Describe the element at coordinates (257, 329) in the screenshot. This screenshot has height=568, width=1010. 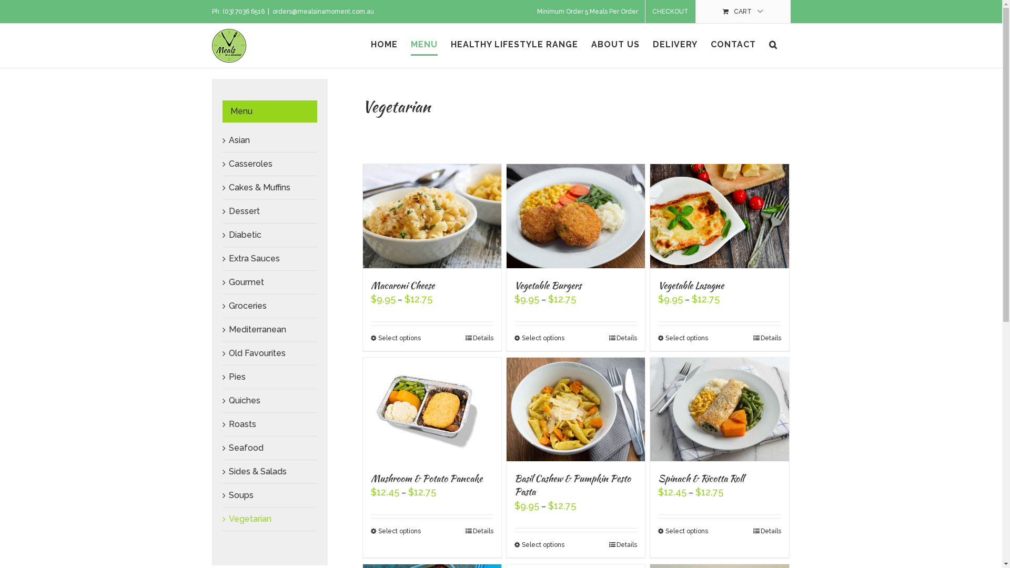
I see `'Mediterranean'` at that location.